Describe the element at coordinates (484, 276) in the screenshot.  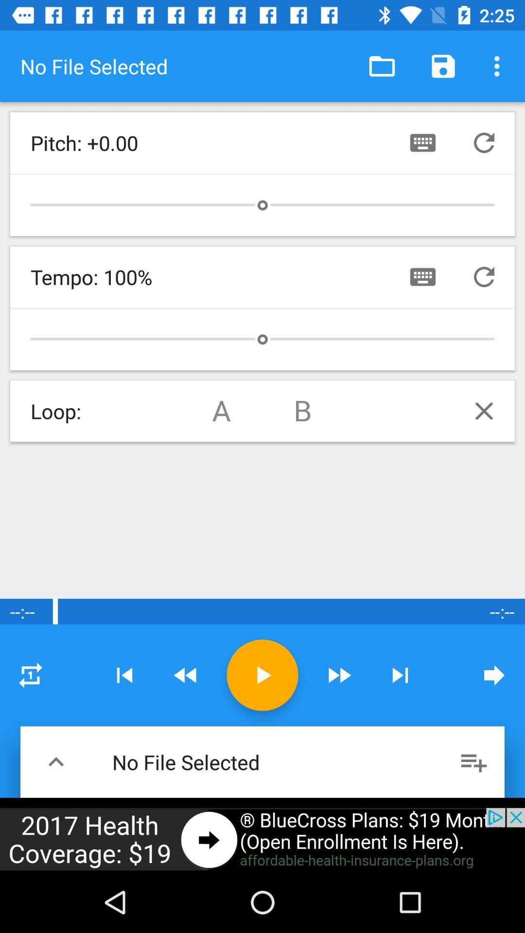
I see `reload` at that location.